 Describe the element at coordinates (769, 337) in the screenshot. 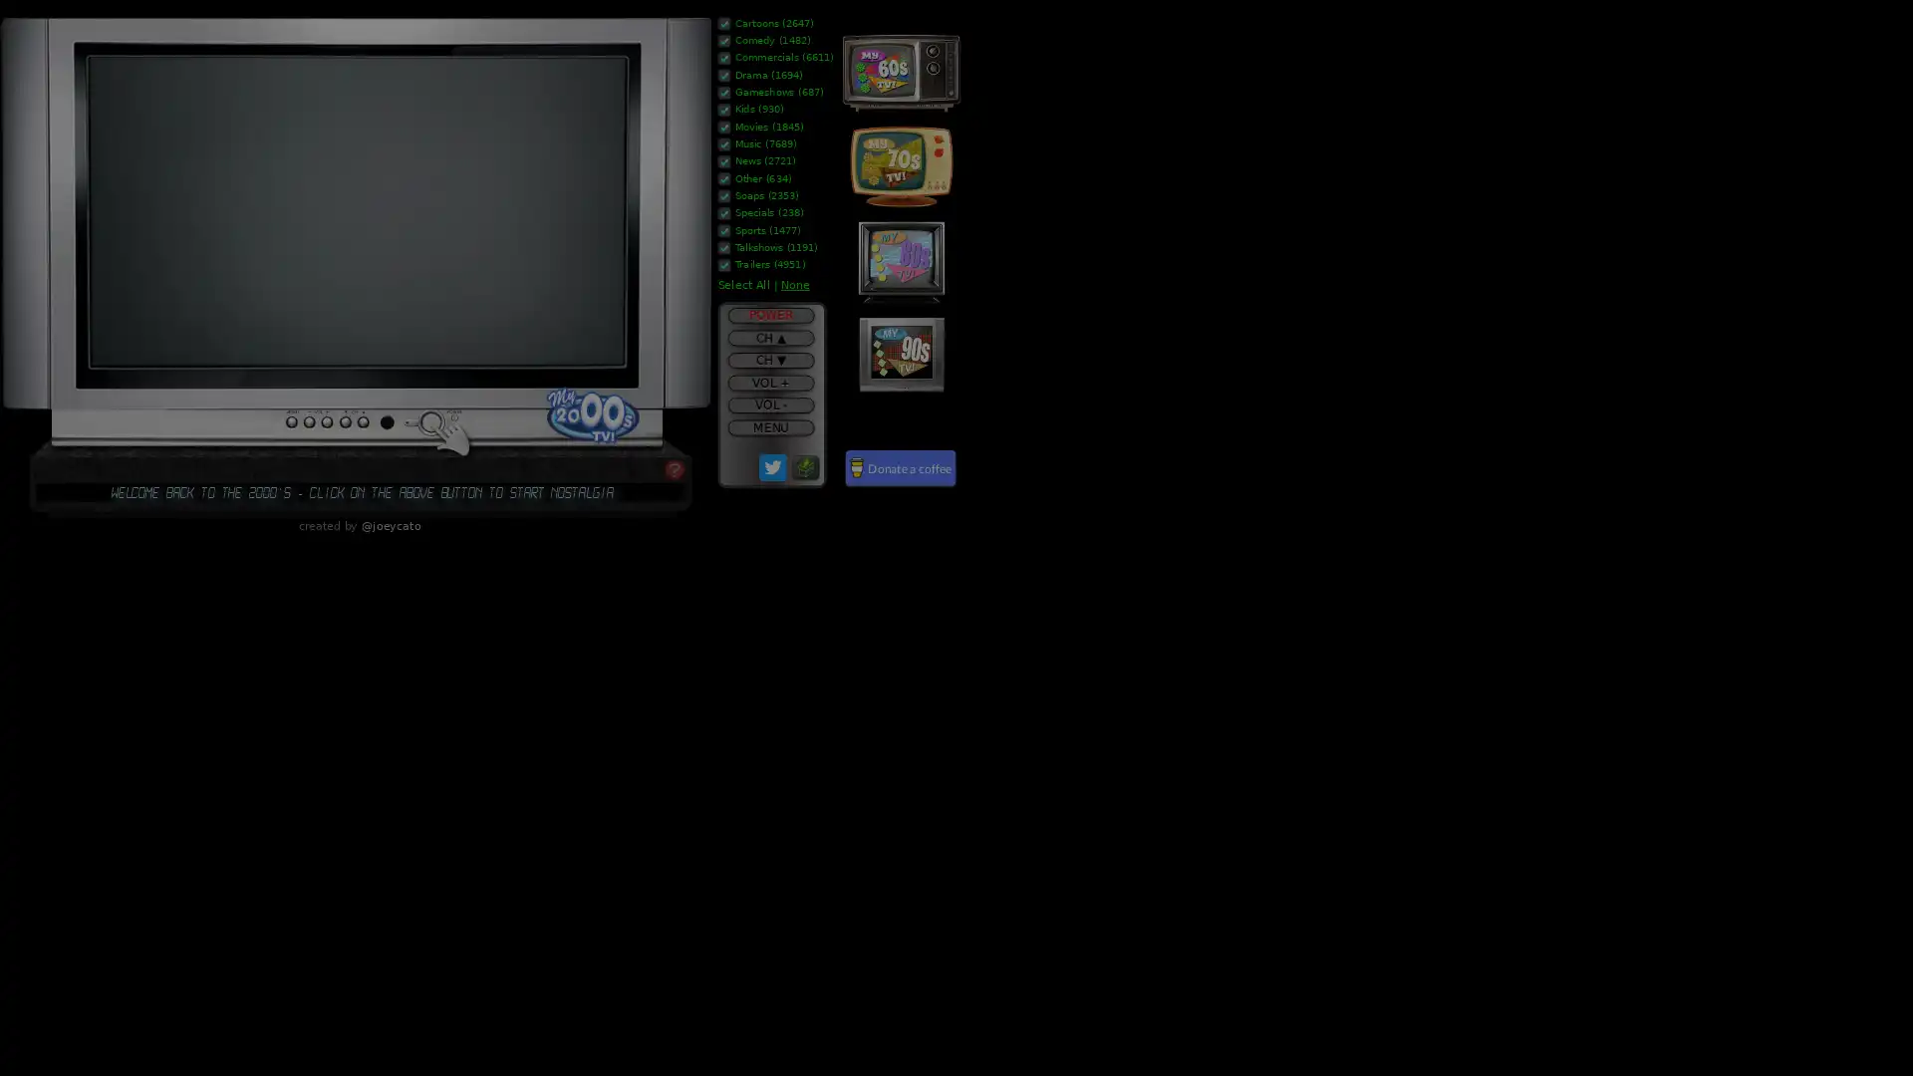

I see `CH` at that location.